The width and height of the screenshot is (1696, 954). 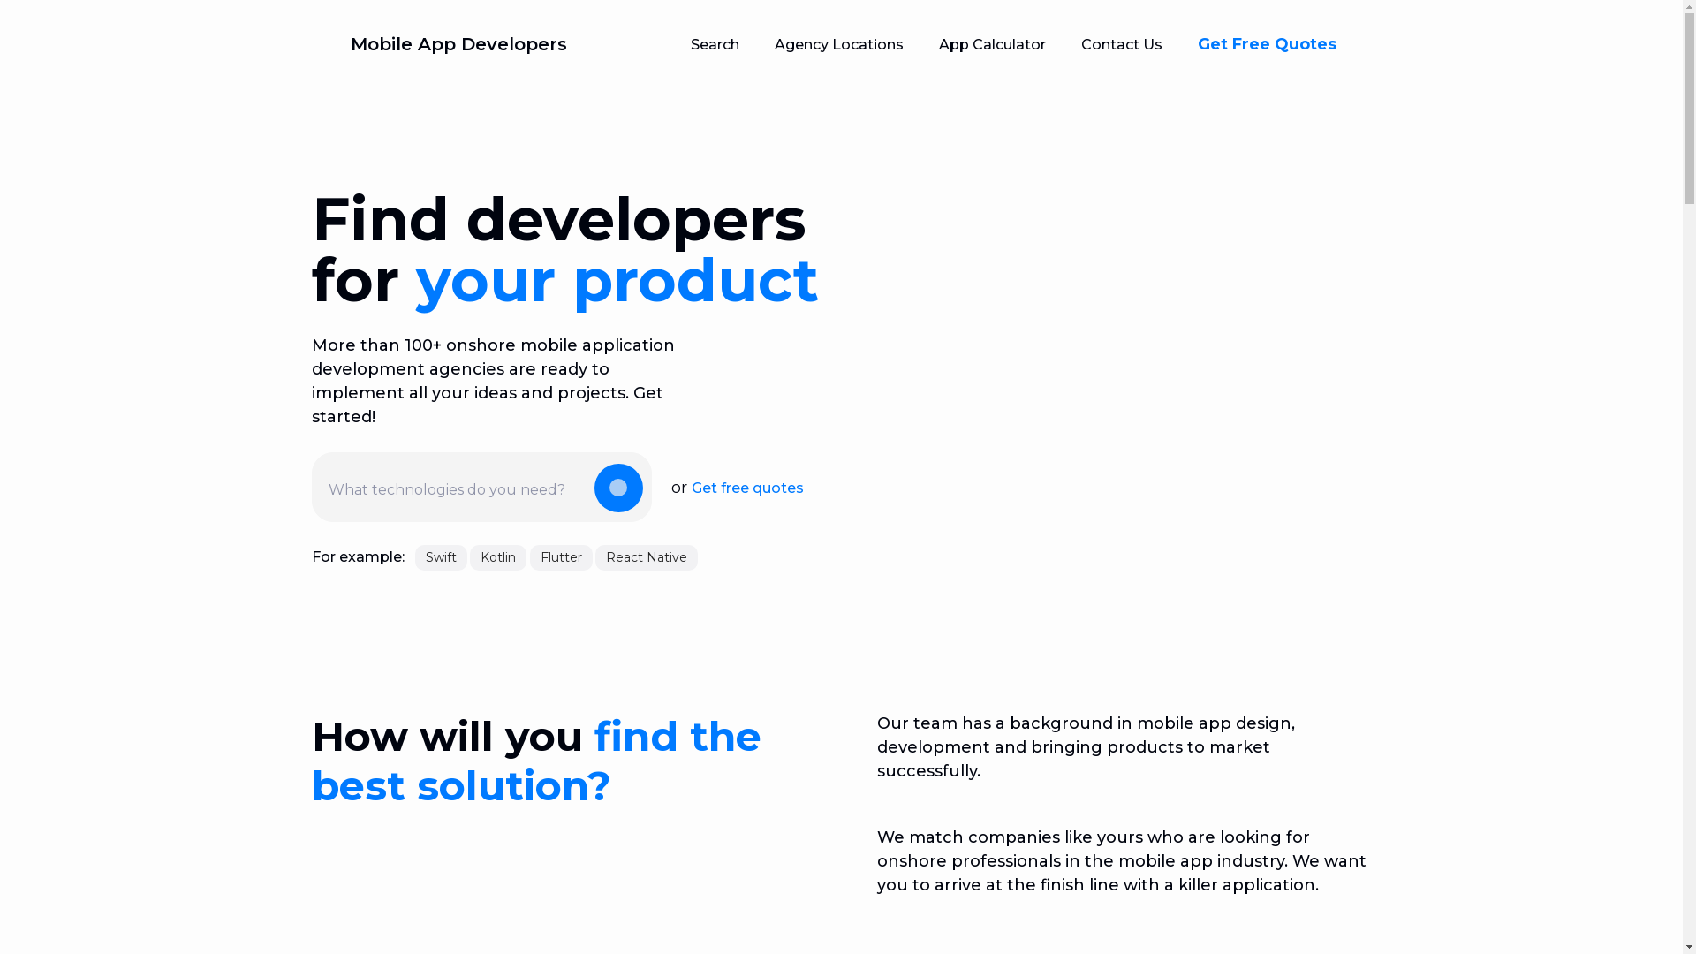 What do you see at coordinates (414, 557) in the screenshot?
I see `'Swift'` at bounding box center [414, 557].